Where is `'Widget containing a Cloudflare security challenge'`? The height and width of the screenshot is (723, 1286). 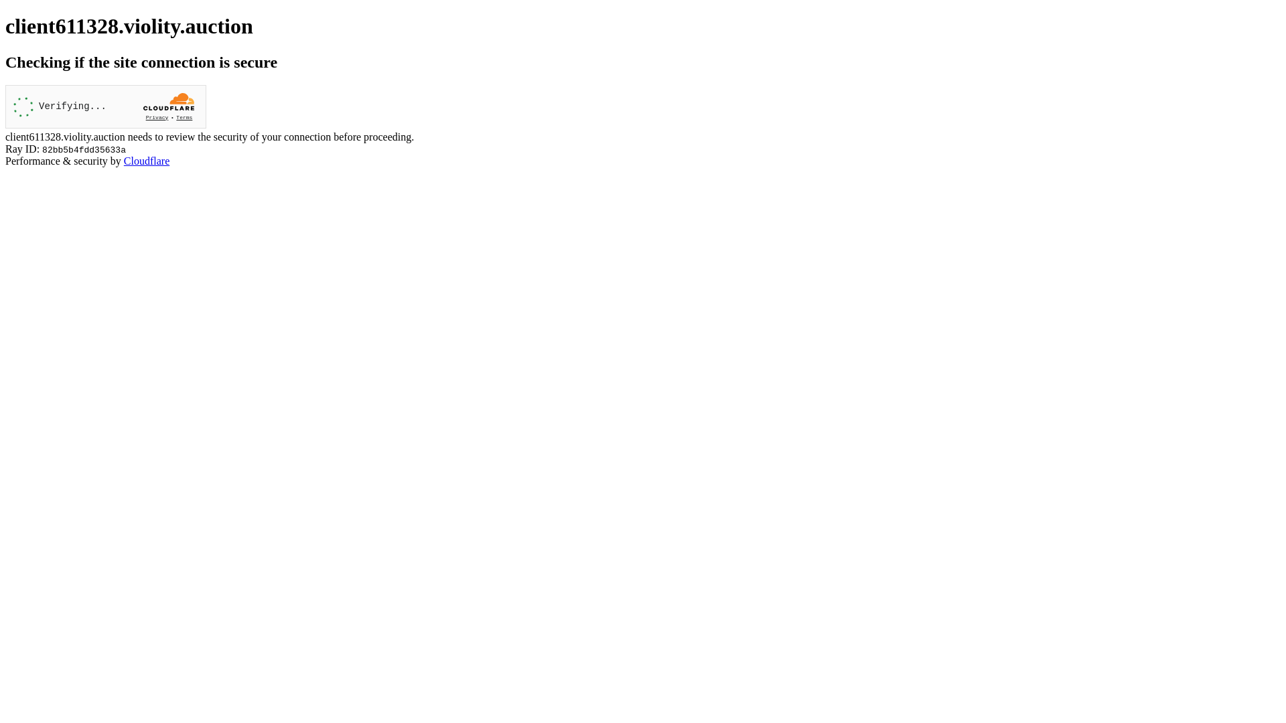
'Widget containing a Cloudflare security challenge' is located at coordinates (105, 106).